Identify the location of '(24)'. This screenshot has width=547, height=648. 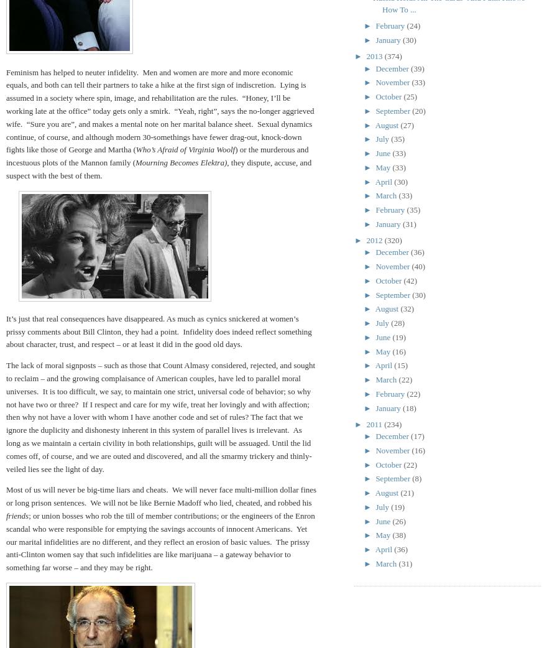
(413, 25).